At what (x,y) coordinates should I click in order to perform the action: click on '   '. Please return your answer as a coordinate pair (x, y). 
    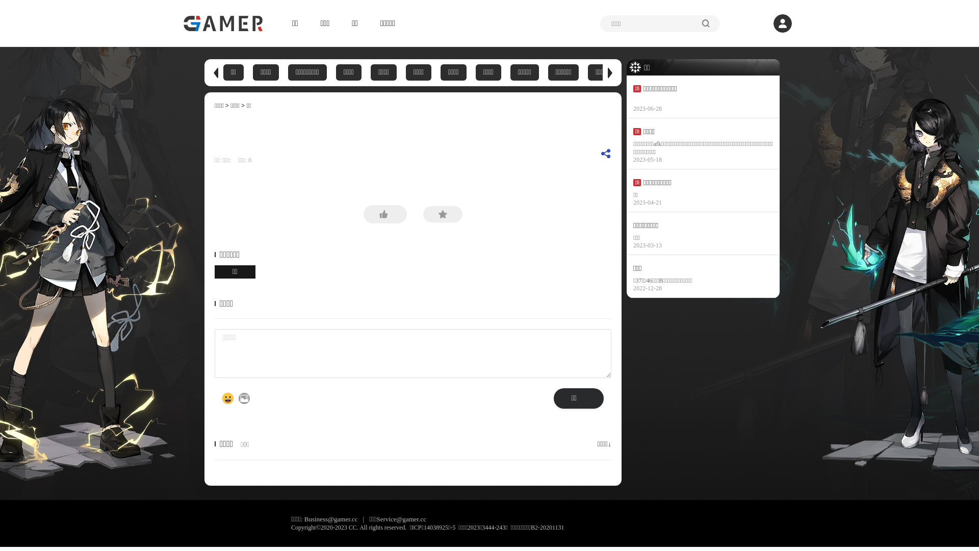
    Looking at the image, I should click on (234, 160).